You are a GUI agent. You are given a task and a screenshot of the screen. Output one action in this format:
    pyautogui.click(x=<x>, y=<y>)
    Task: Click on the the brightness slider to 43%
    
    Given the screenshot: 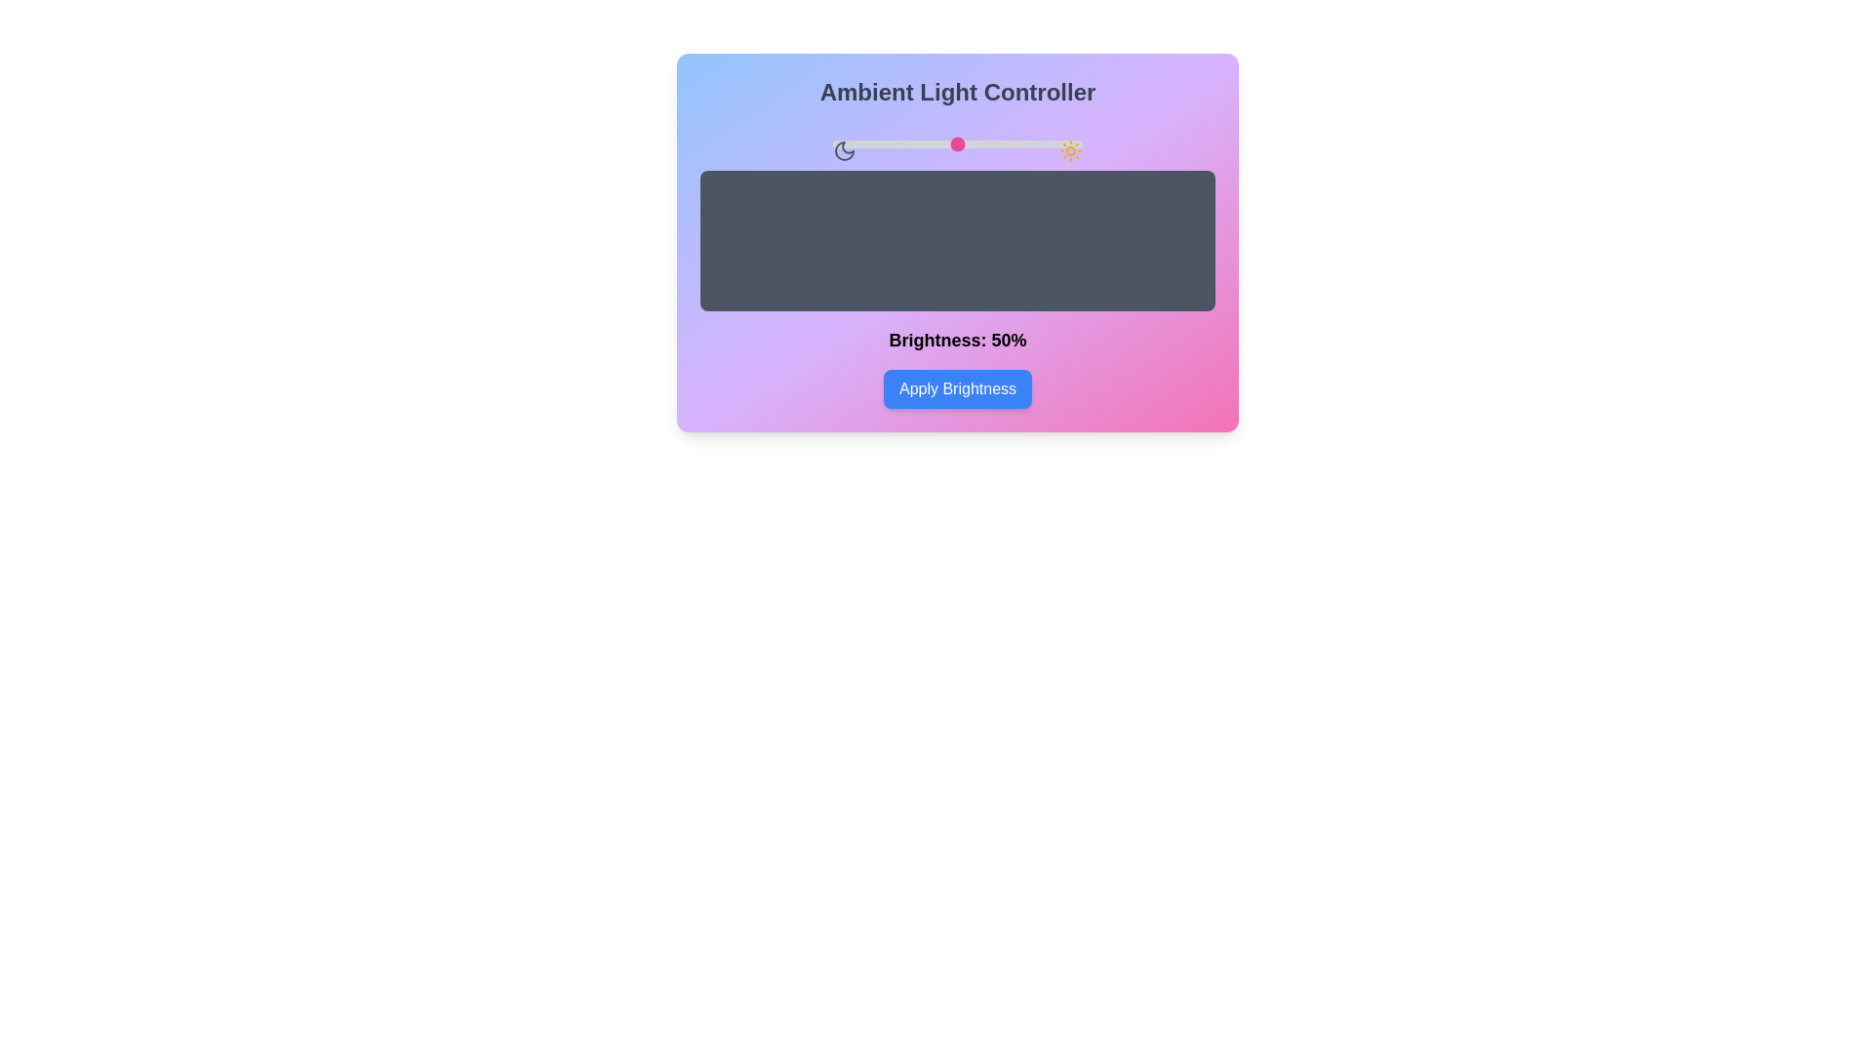 What is the action you would take?
    pyautogui.click(x=940, y=142)
    